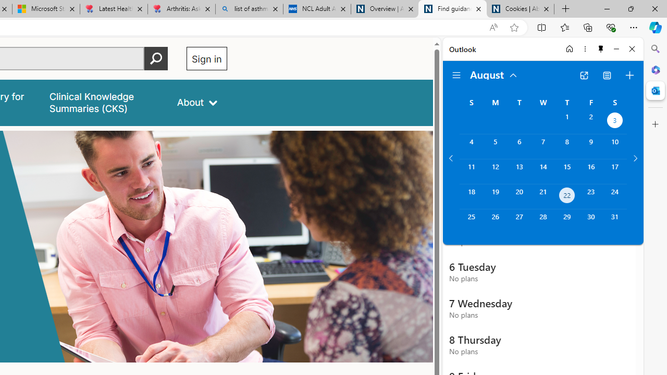  What do you see at coordinates (591, 196) in the screenshot?
I see `'Friday, August 23, 2024. '` at bounding box center [591, 196].